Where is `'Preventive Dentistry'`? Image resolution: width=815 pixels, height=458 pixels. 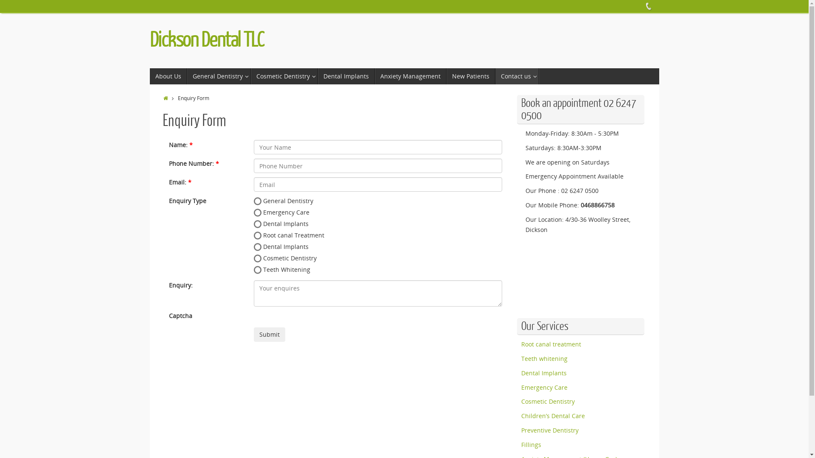 'Preventive Dentistry' is located at coordinates (521, 430).